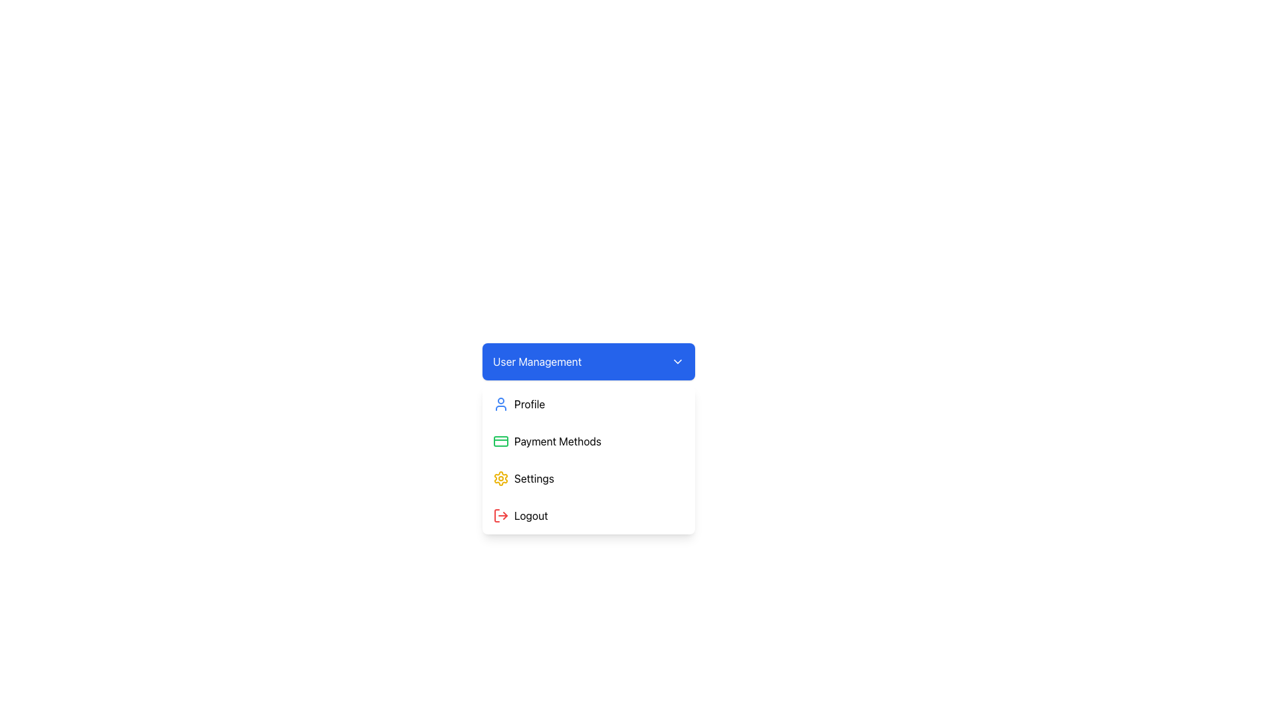 The image size is (1276, 717). Describe the element at coordinates (558, 441) in the screenshot. I see `the 'Manage Payment Methods' text label located in the dropdown menu under the 'User Management' section` at that location.